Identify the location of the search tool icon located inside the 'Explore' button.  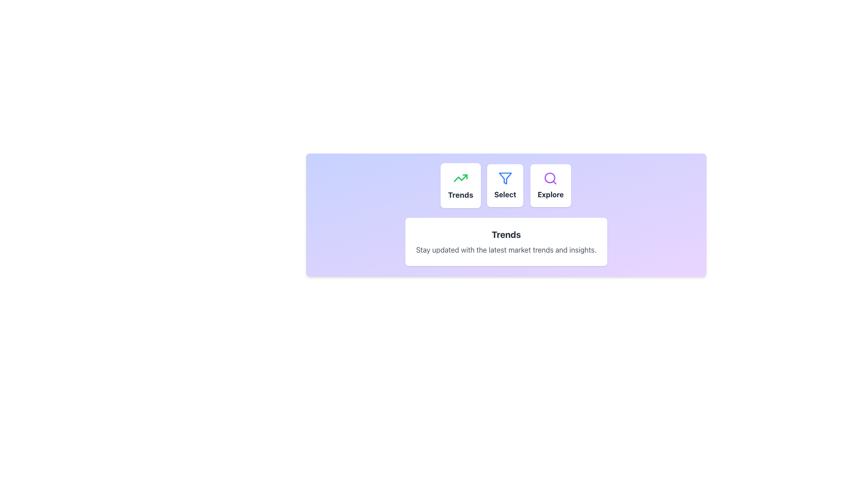
(550, 179).